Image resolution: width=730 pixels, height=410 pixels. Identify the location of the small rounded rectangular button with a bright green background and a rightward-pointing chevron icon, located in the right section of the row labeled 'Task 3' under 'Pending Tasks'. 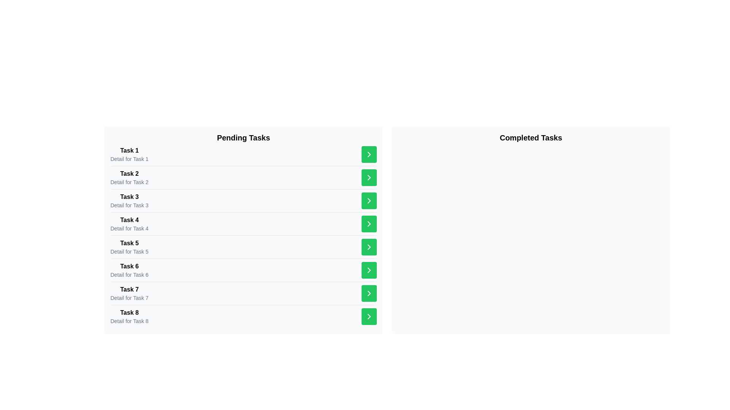
(369, 200).